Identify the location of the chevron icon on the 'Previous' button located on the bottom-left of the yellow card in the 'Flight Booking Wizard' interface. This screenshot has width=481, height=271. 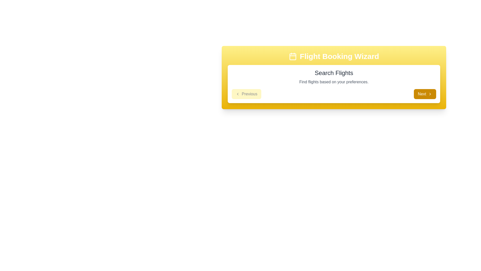
(237, 94).